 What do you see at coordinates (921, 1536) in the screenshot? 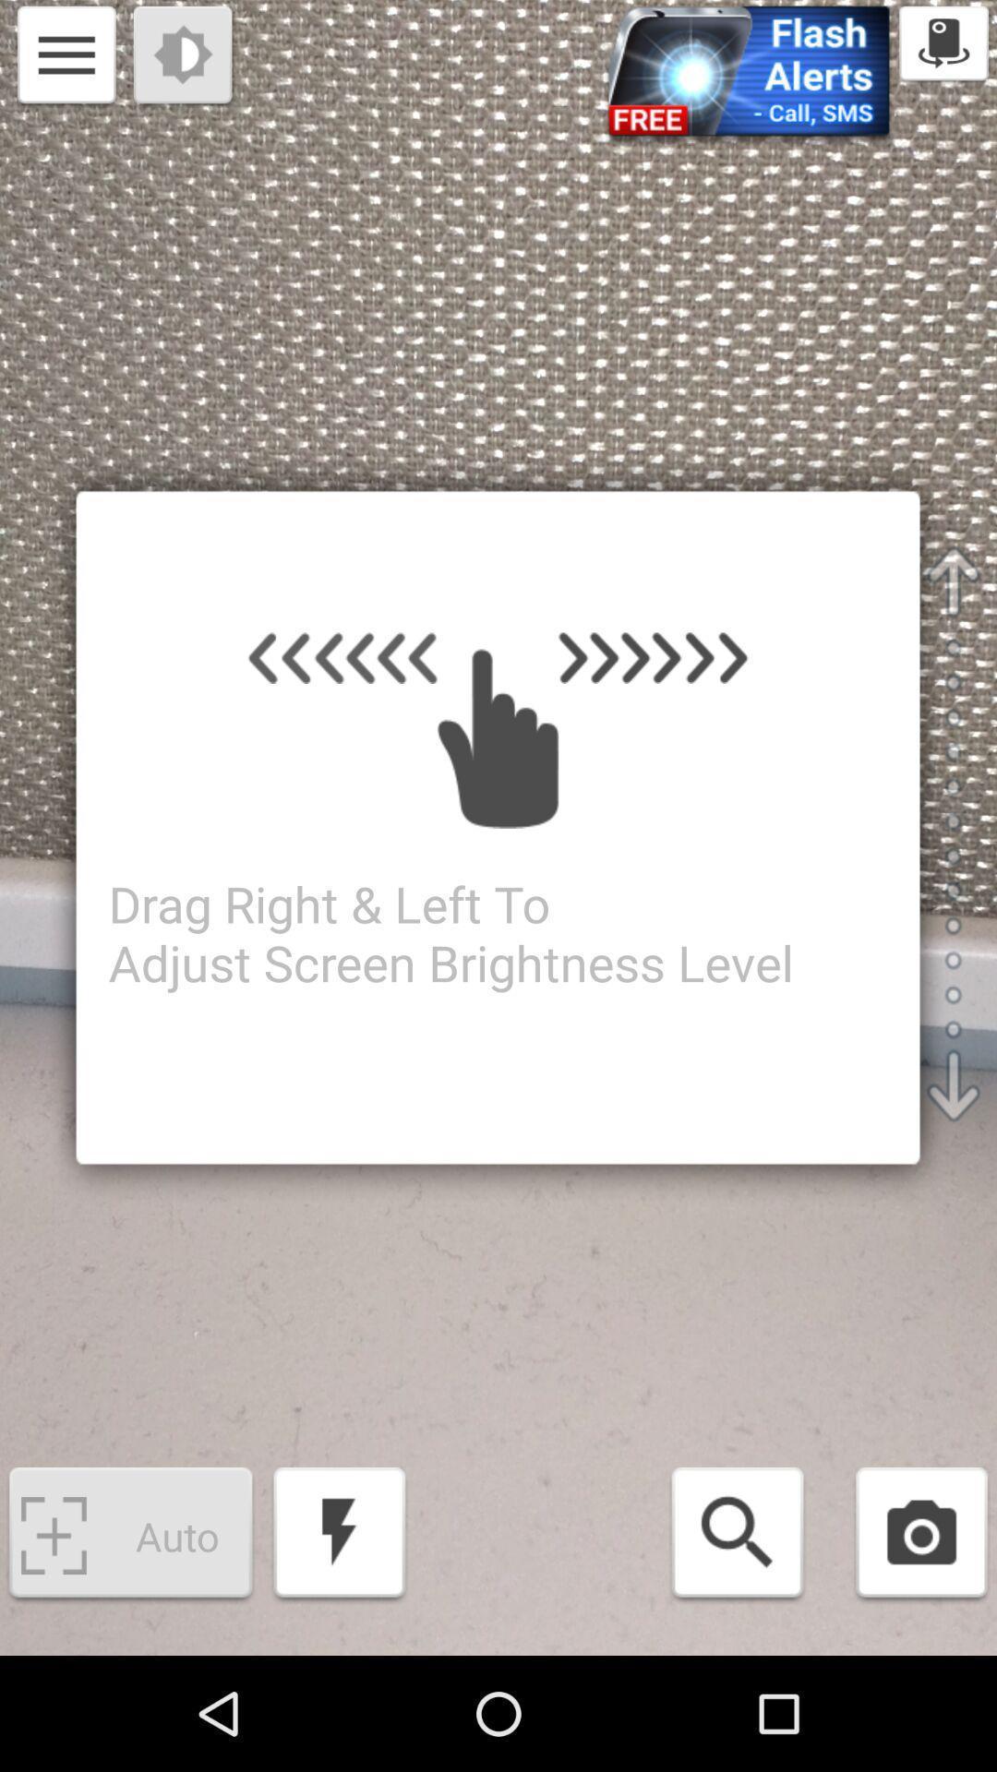
I see `take a picture` at bounding box center [921, 1536].